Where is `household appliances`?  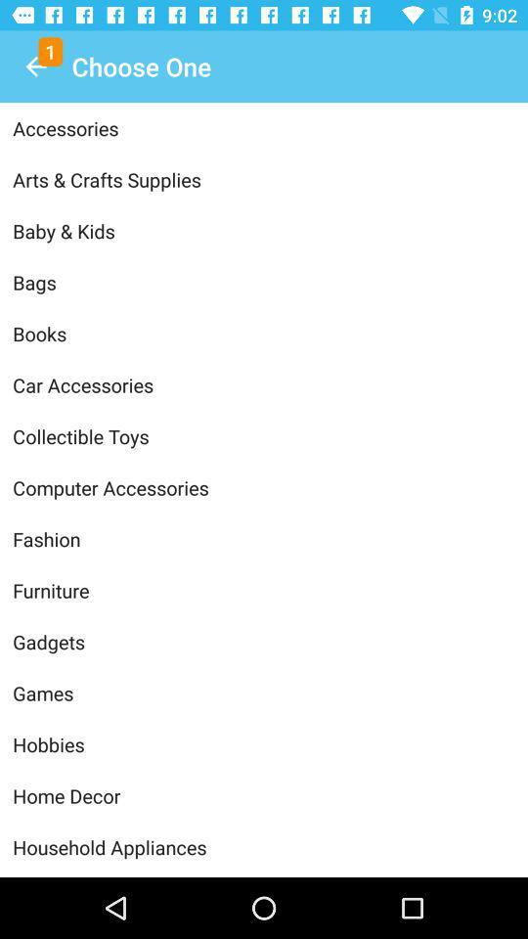 household appliances is located at coordinates (264, 846).